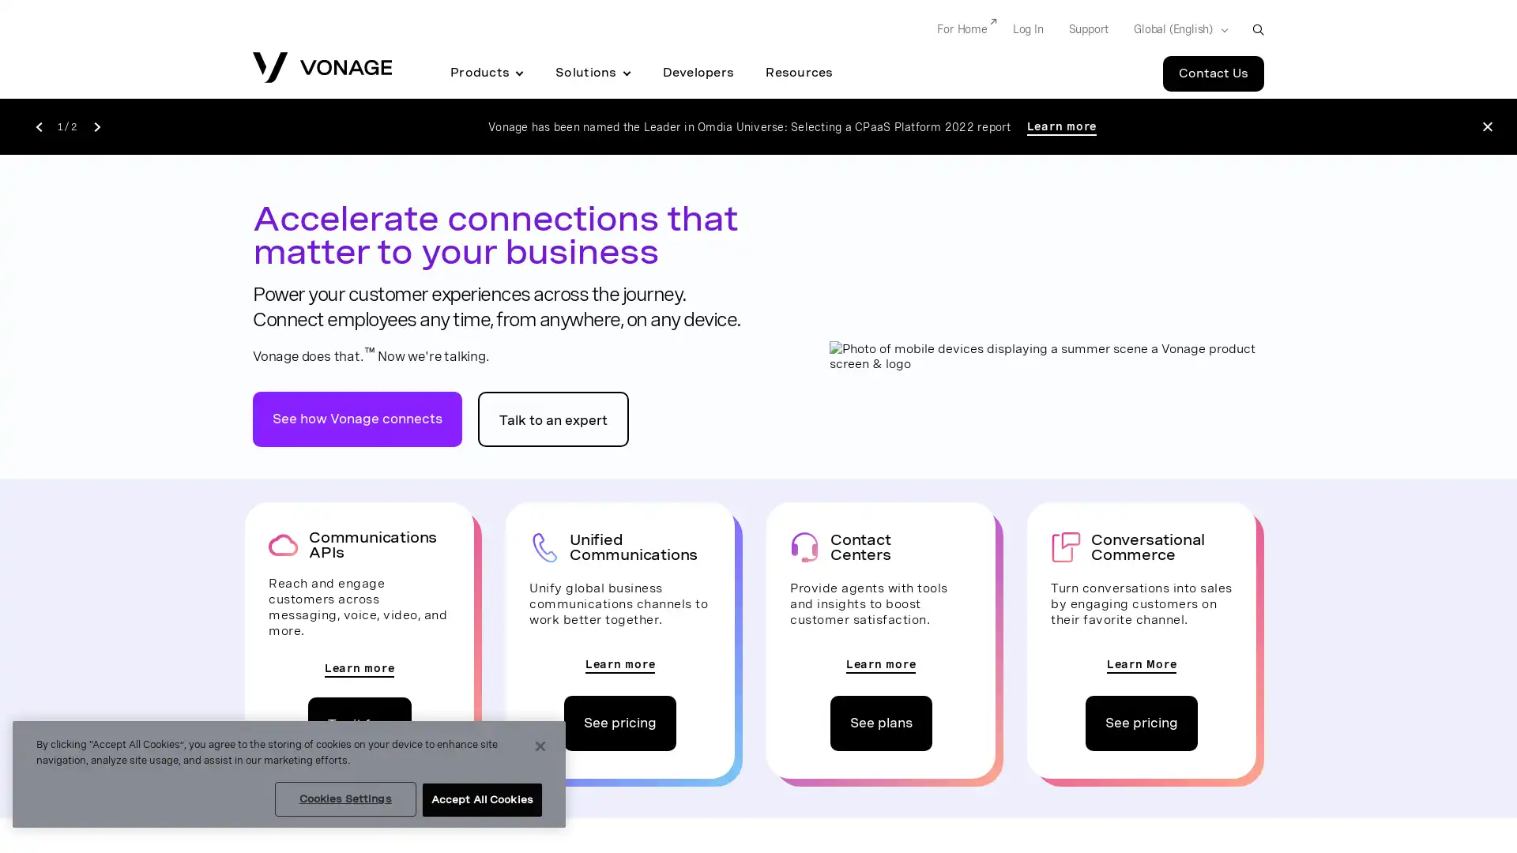 This screenshot has height=853, width=1517. What do you see at coordinates (480, 800) in the screenshot?
I see `Accept All Cookies` at bounding box center [480, 800].